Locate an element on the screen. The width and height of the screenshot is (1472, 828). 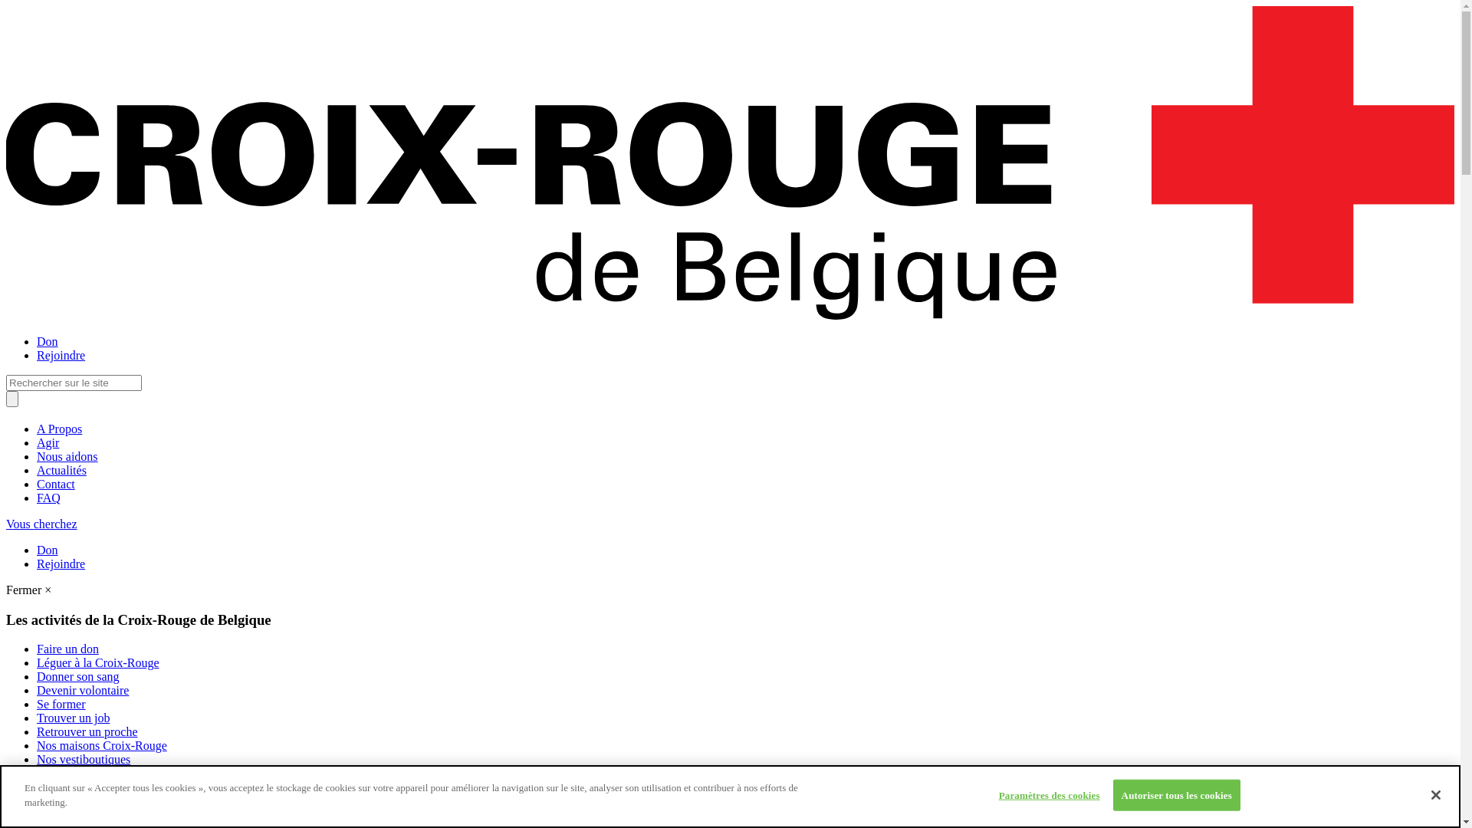
'Donner son sang' is located at coordinates (77, 675).